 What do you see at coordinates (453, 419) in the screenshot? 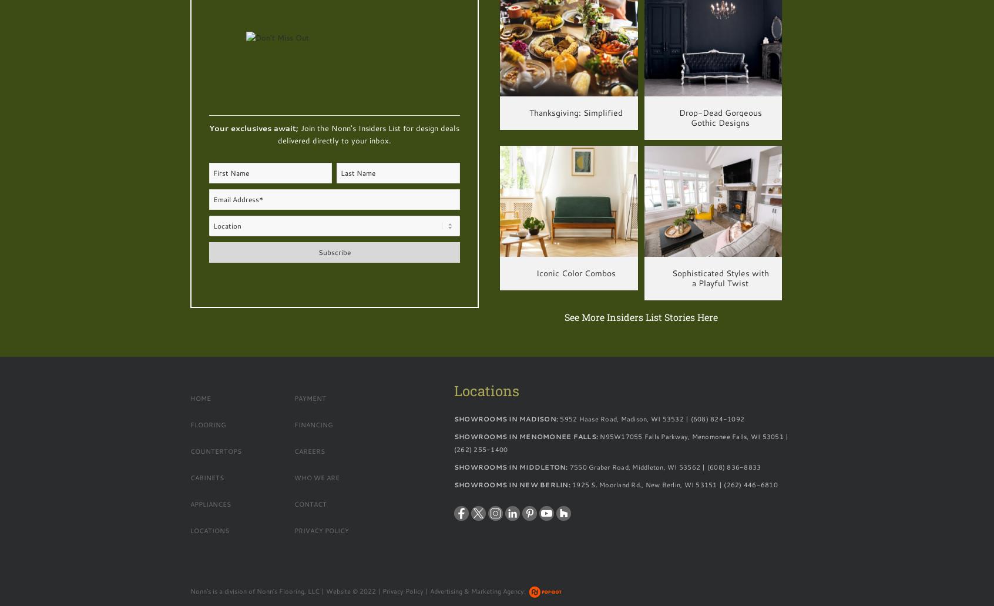
I see `'SHOWROOMS IN MADISON:'` at bounding box center [453, 419].